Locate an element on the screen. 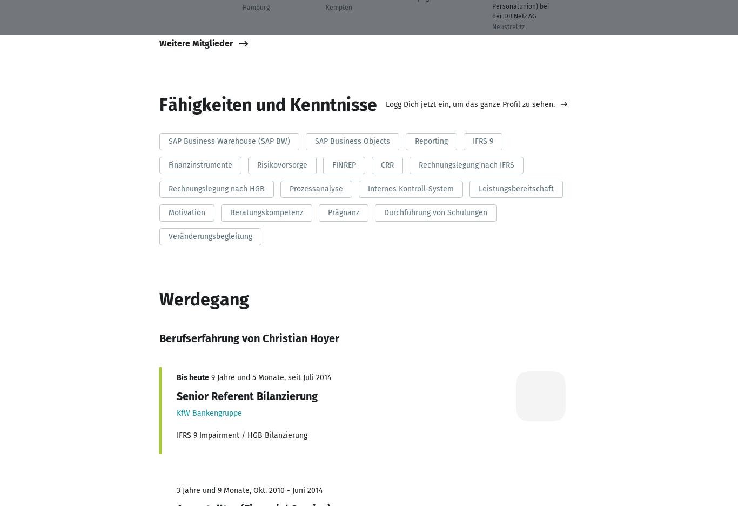 Image resolution: width=738 pixels, height=506 pixels. 'Internes Kontroll-System' is located at coordinates (366, 188).